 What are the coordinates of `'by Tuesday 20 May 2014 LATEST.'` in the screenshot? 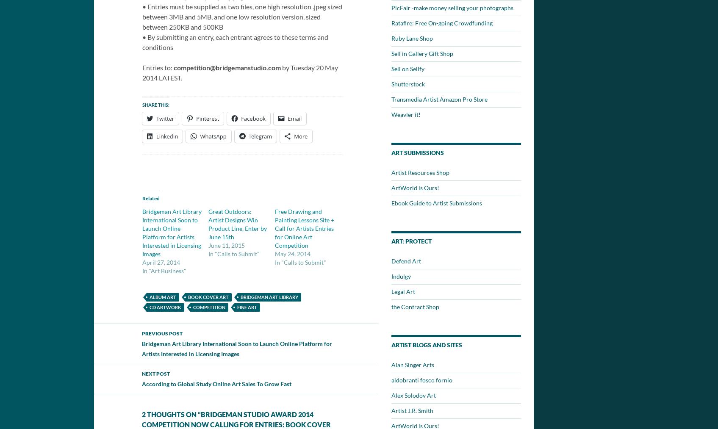 It's located at (240, 72).